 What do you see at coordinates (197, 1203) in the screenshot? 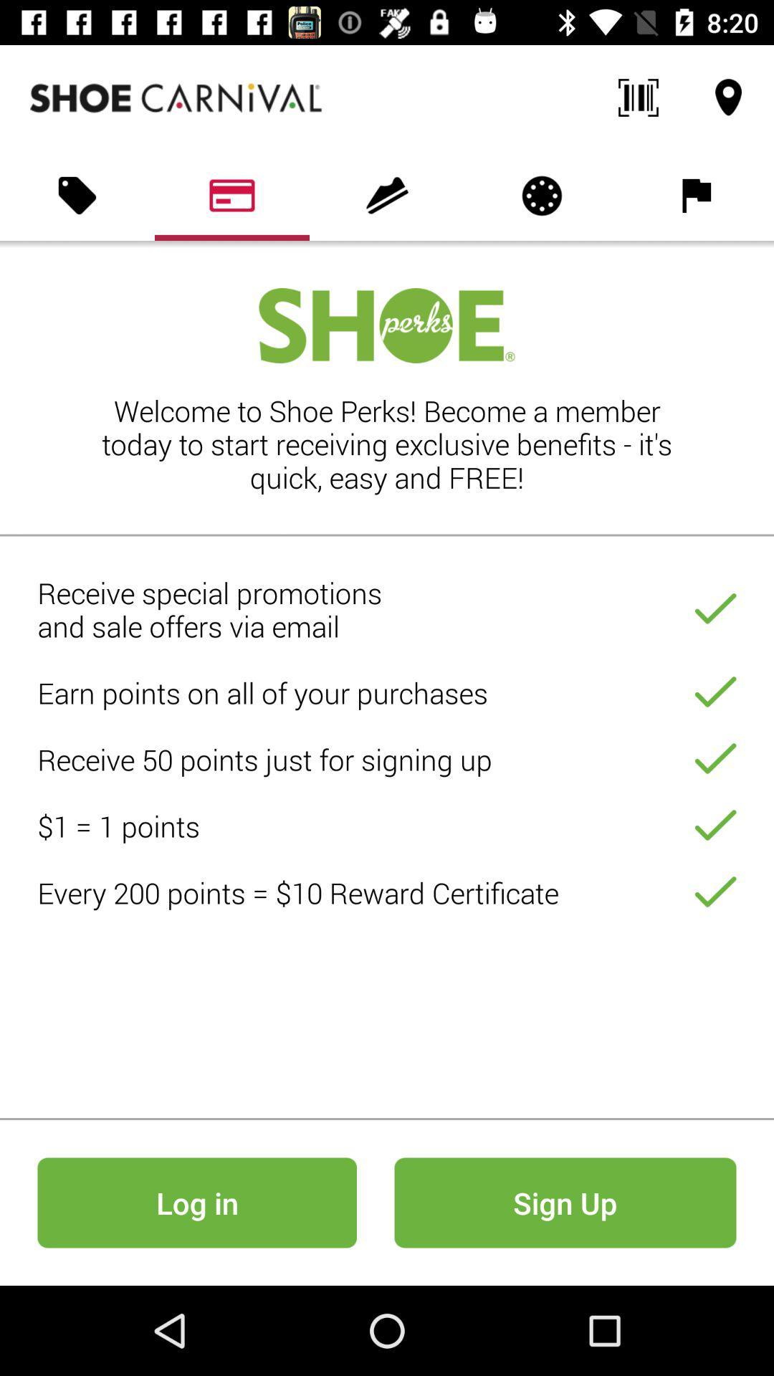
I see `the log in` at bounding box center [197, 1203].